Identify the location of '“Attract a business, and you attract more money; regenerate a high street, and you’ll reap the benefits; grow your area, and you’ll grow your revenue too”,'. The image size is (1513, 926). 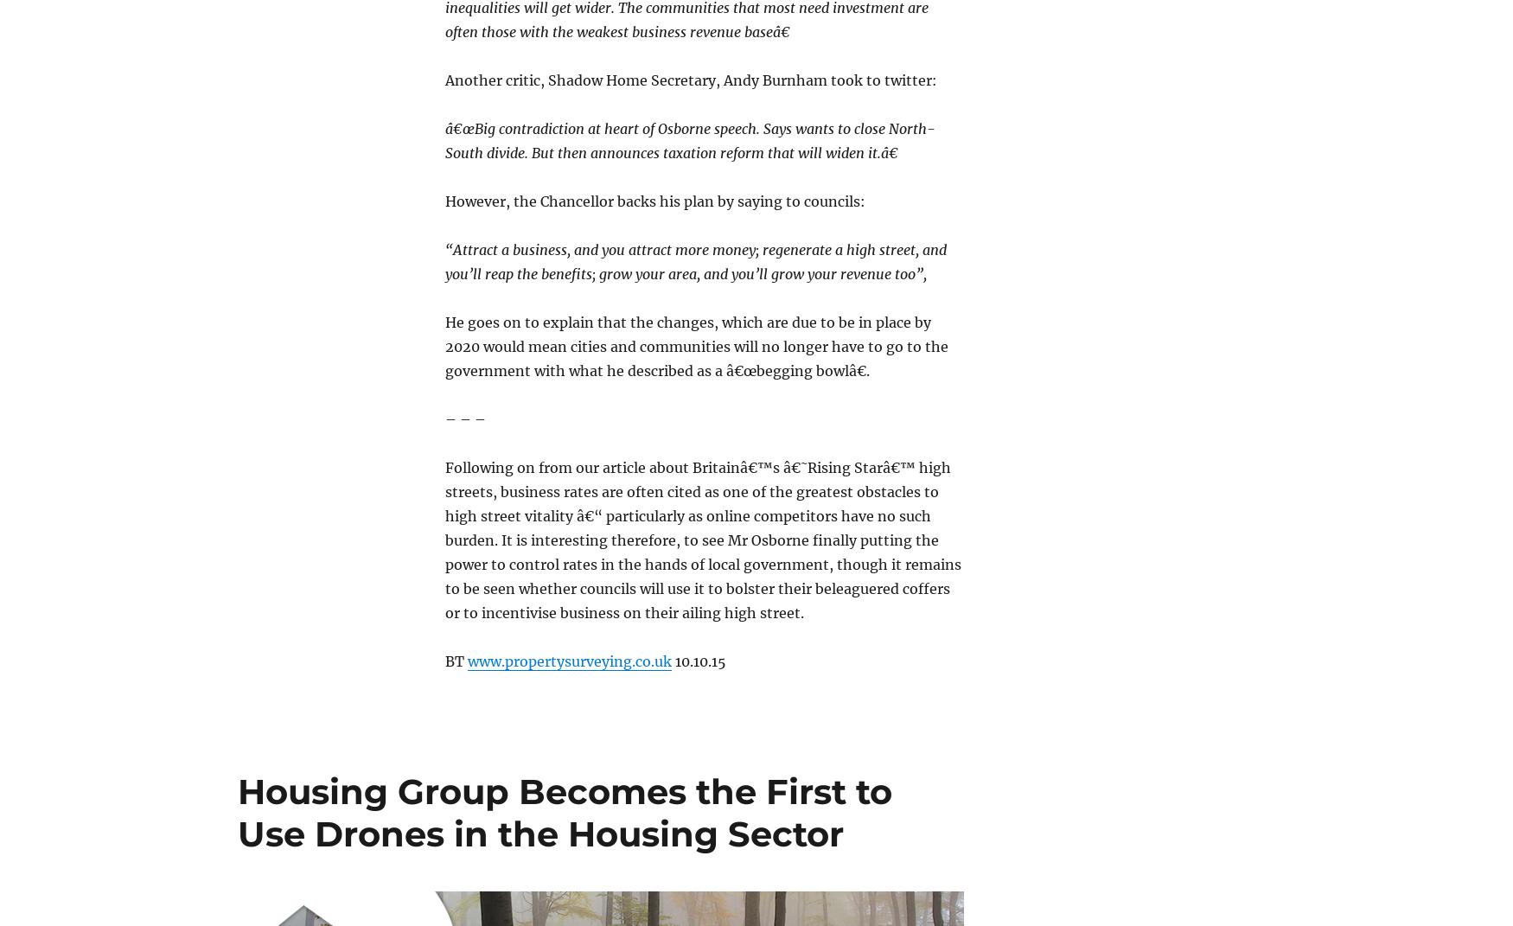
(695, 261).